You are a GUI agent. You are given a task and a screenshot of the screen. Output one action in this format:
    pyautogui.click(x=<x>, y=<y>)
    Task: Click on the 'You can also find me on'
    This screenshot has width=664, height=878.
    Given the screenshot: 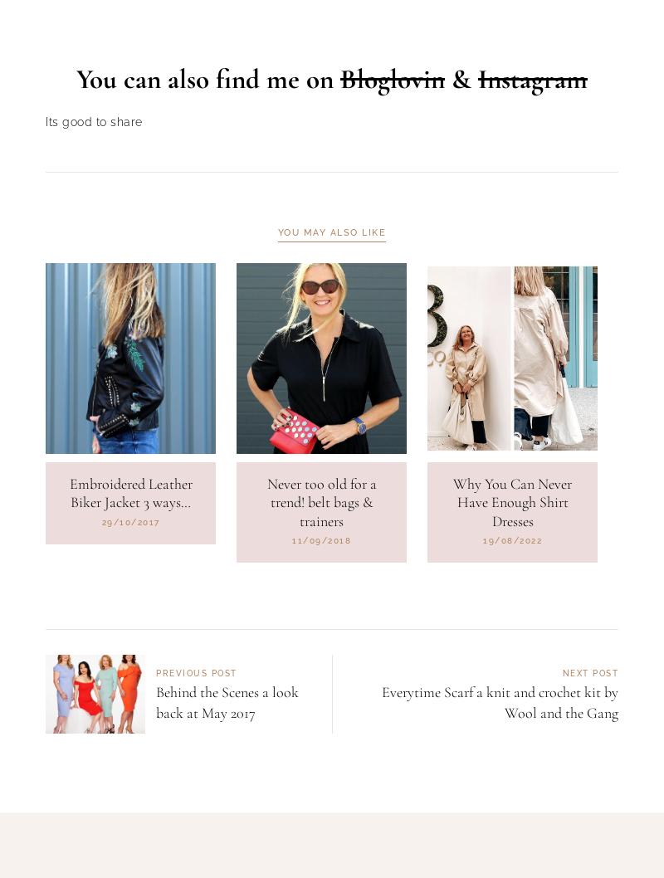 What is the action you would take?
    pyautogui.click(x=76, y=163)
    